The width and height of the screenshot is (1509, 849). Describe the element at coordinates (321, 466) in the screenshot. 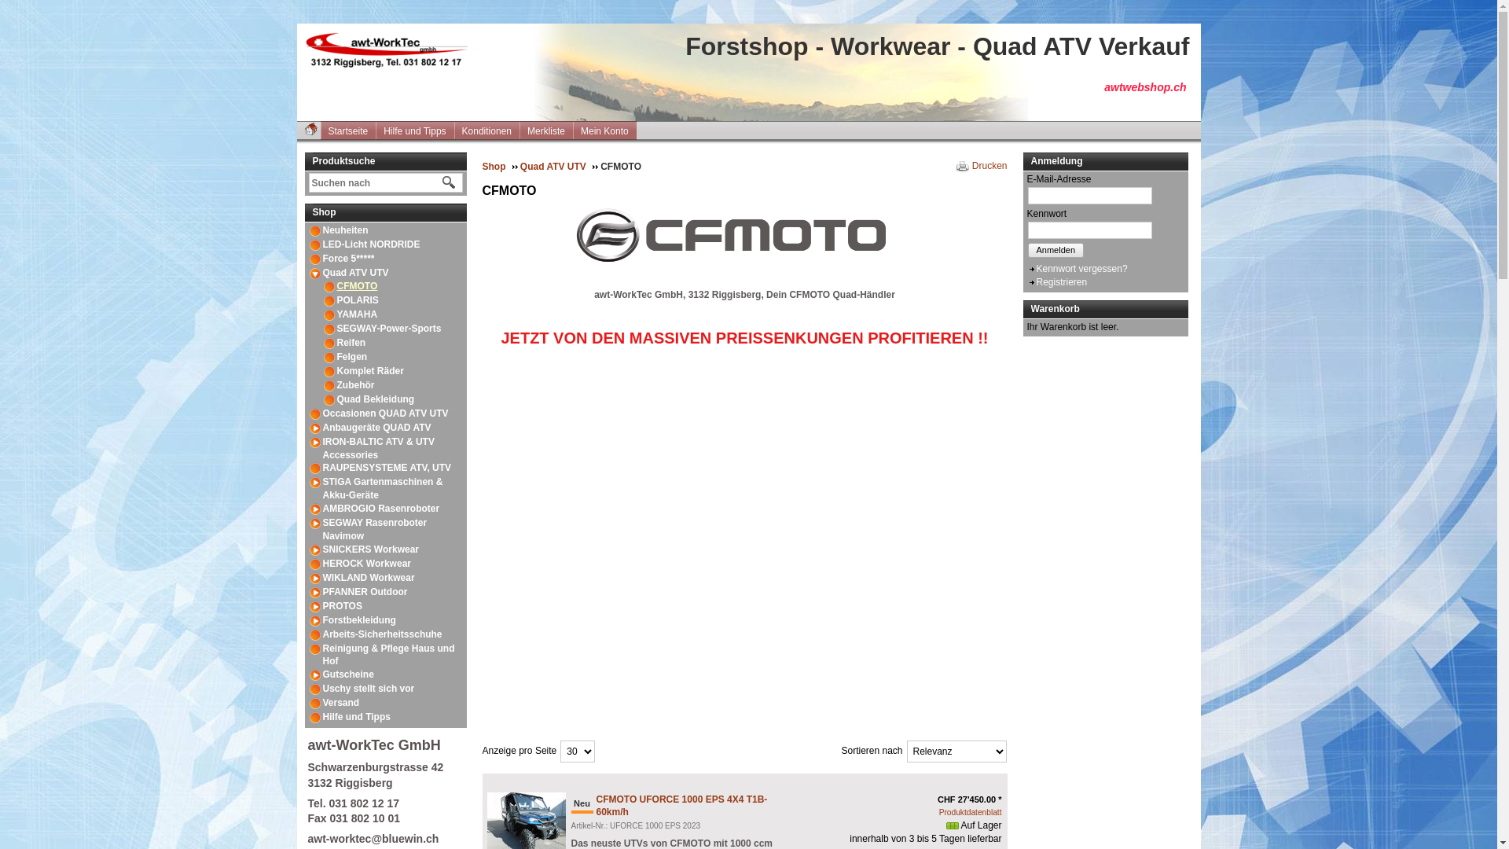

I see `'RAUPENSYSTEME ATV, UTV'` at that location.